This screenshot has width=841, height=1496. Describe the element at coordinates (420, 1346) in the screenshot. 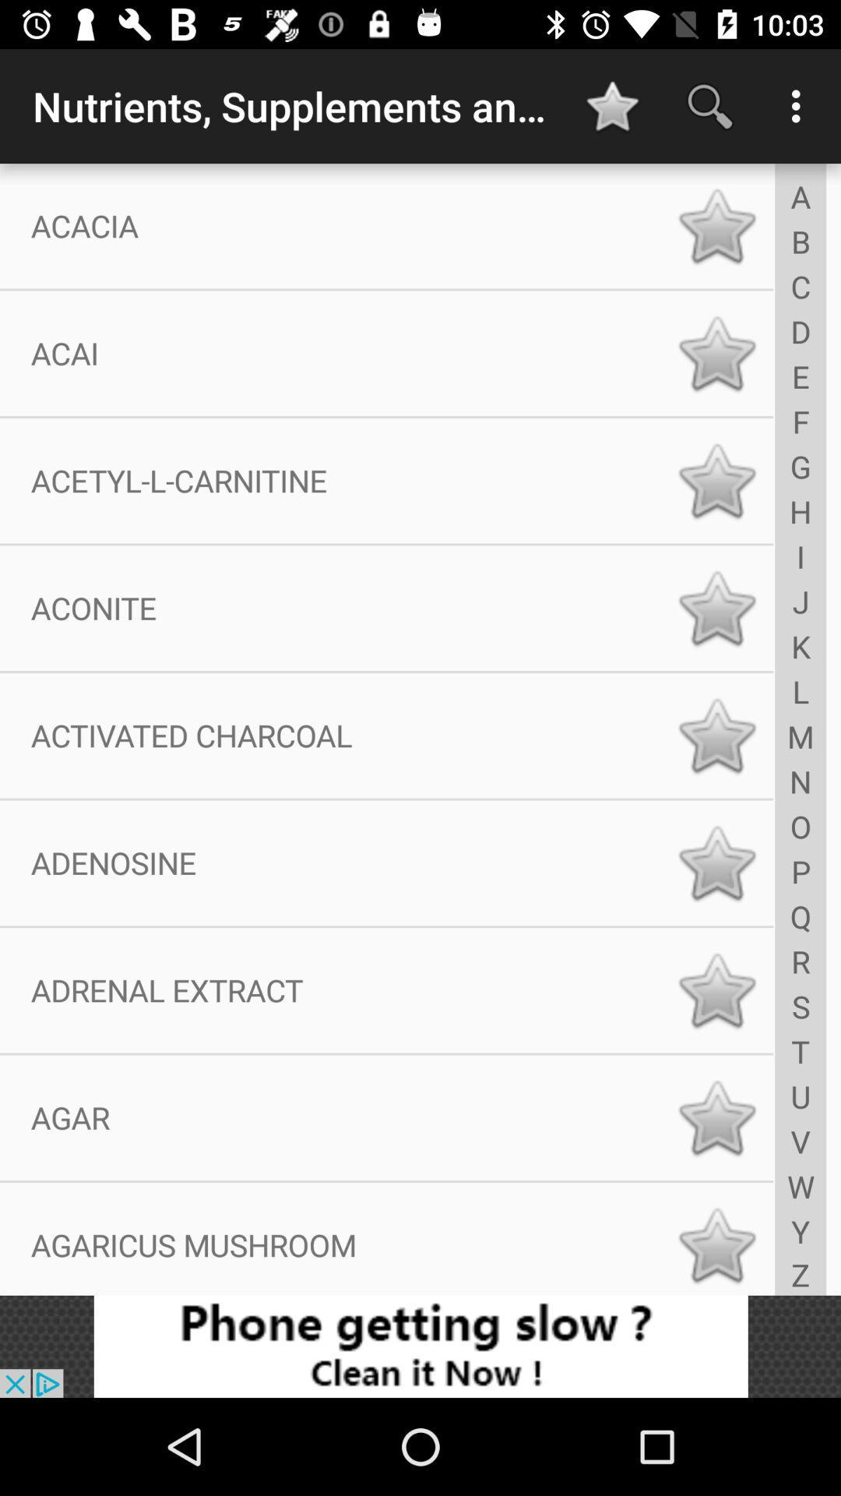

I see `add` at that location.